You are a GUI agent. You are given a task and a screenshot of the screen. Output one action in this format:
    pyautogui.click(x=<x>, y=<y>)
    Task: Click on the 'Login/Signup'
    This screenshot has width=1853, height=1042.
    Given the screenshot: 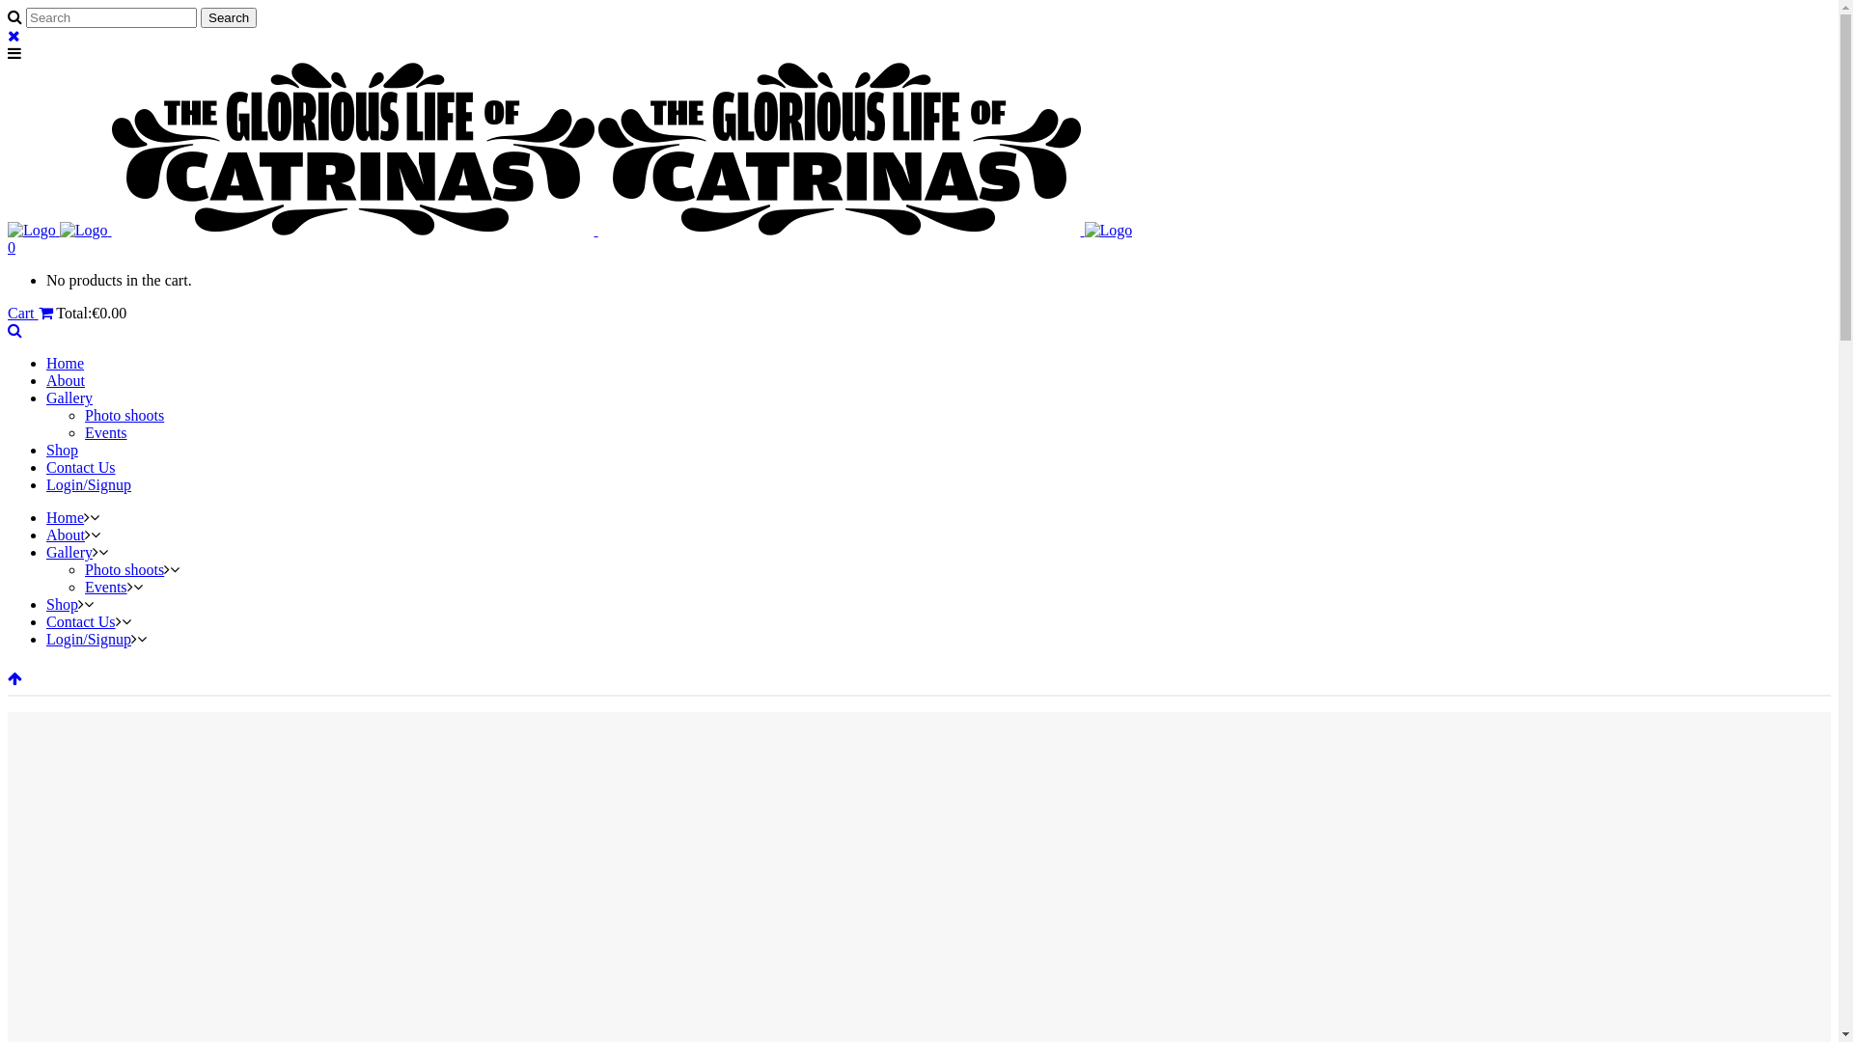 What is the action you would take?
    pyautogui.click(x=46, y=639)
    